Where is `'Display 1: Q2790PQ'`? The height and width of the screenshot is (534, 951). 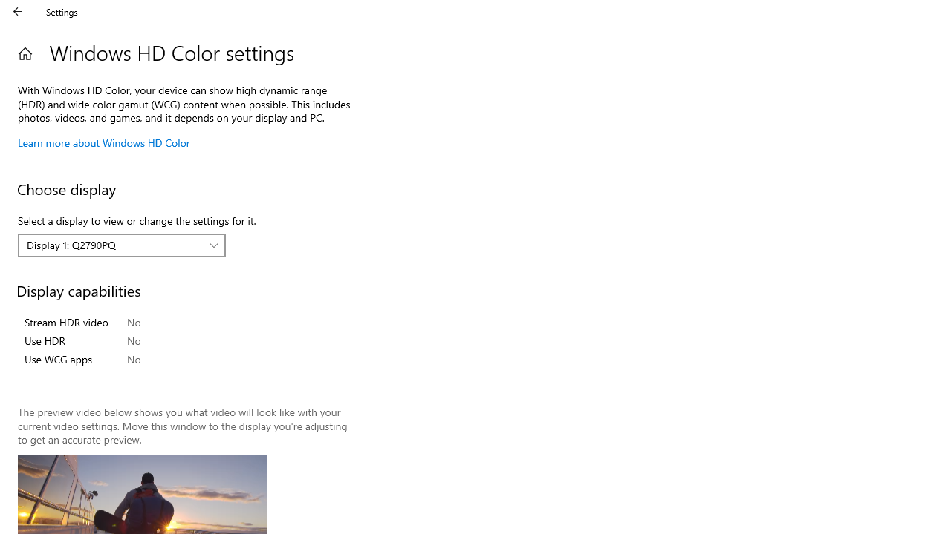 'Display 1: Q2790PQ' is located at coordinates (113, 244).